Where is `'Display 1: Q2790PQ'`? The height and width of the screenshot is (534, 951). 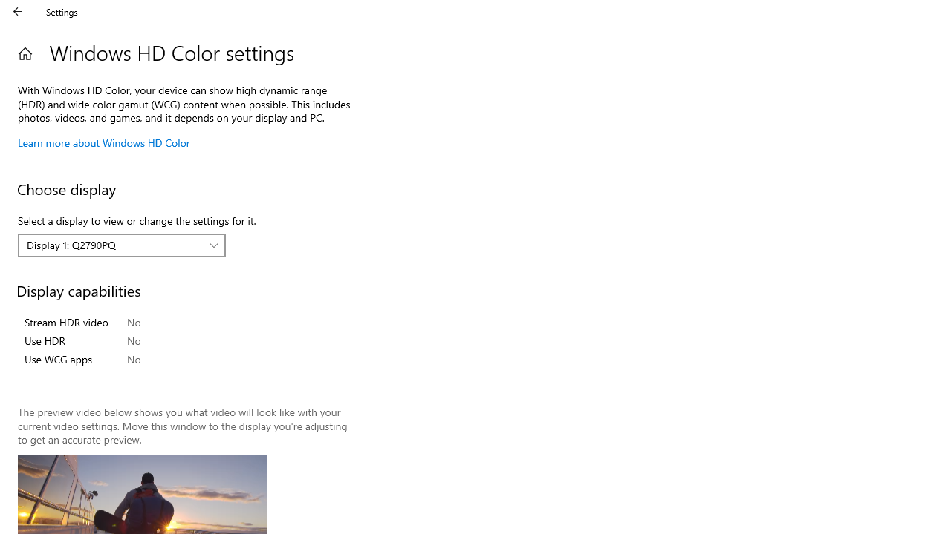 'Display 1: Q2790PQ' is located at coordinates (113, 244).